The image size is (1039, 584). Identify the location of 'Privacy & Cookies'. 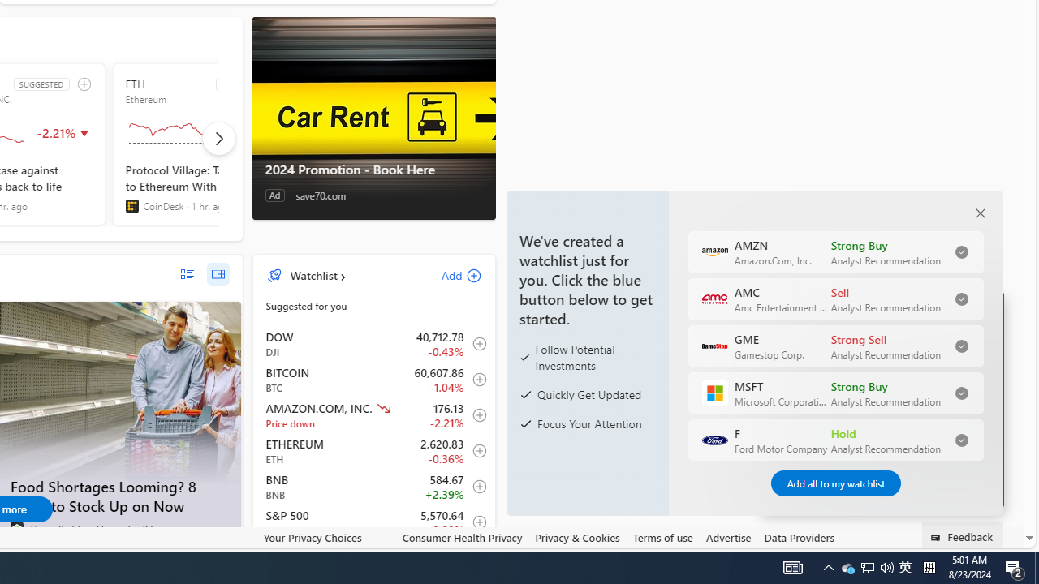
(577, 537).